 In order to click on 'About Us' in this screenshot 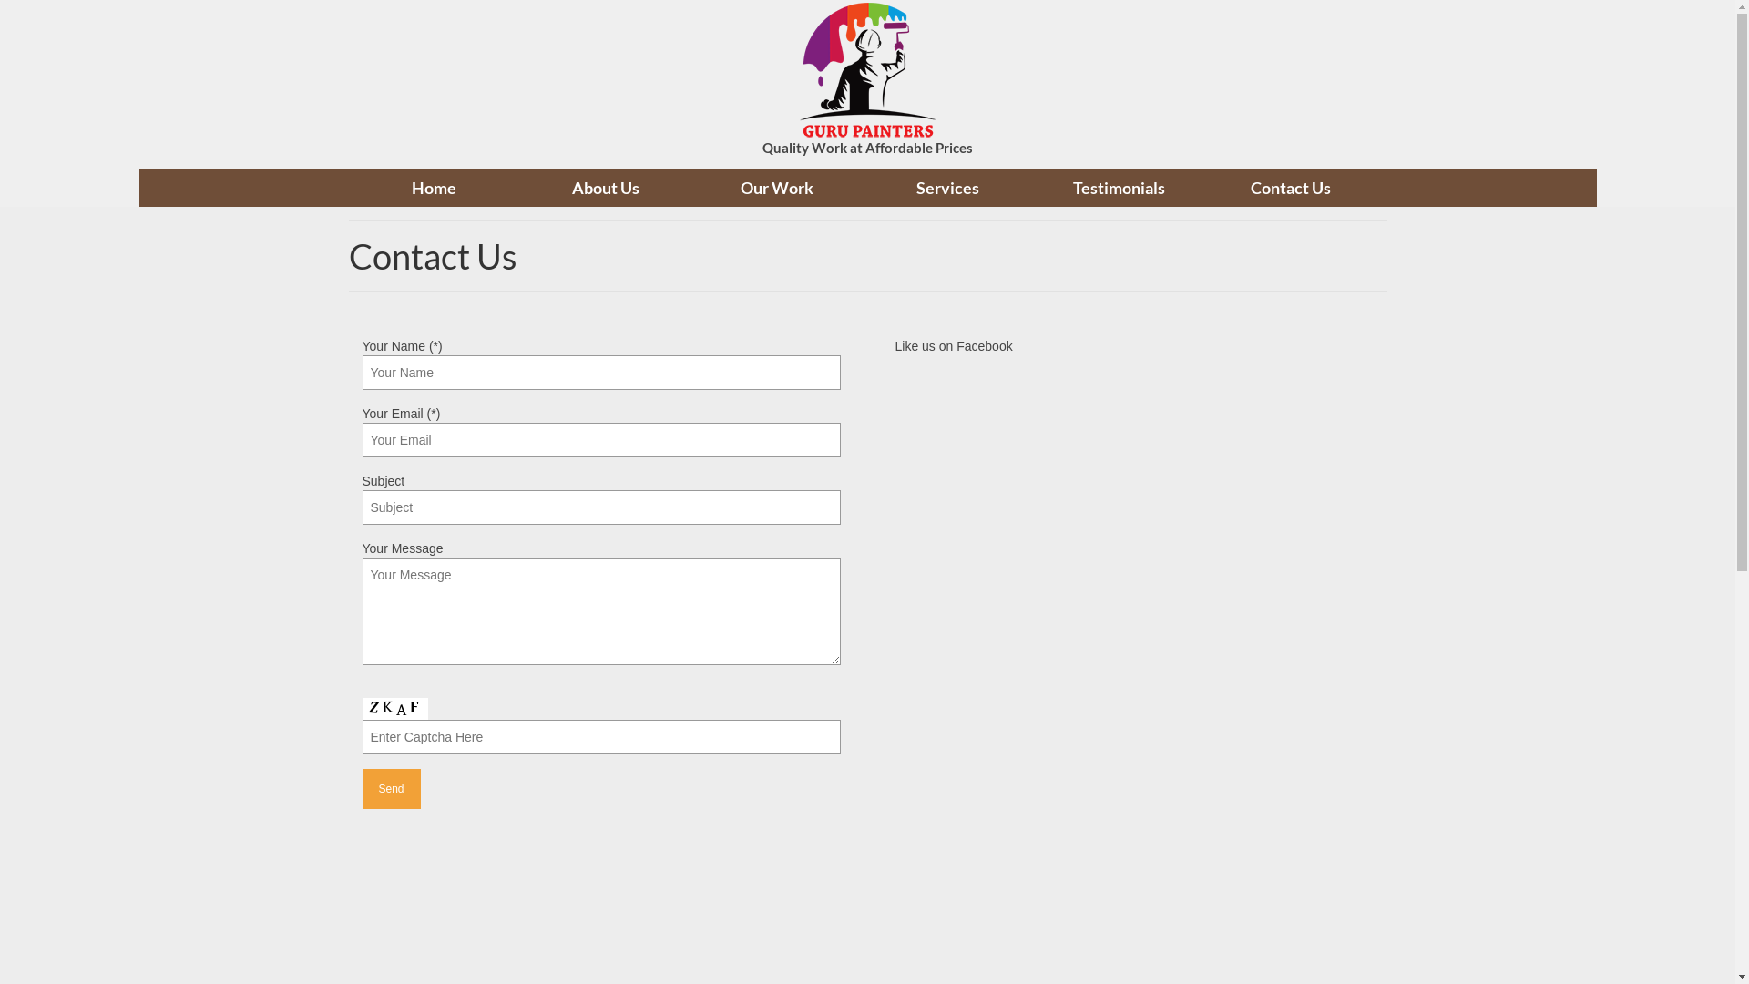, I will do `click(519, 187)`.